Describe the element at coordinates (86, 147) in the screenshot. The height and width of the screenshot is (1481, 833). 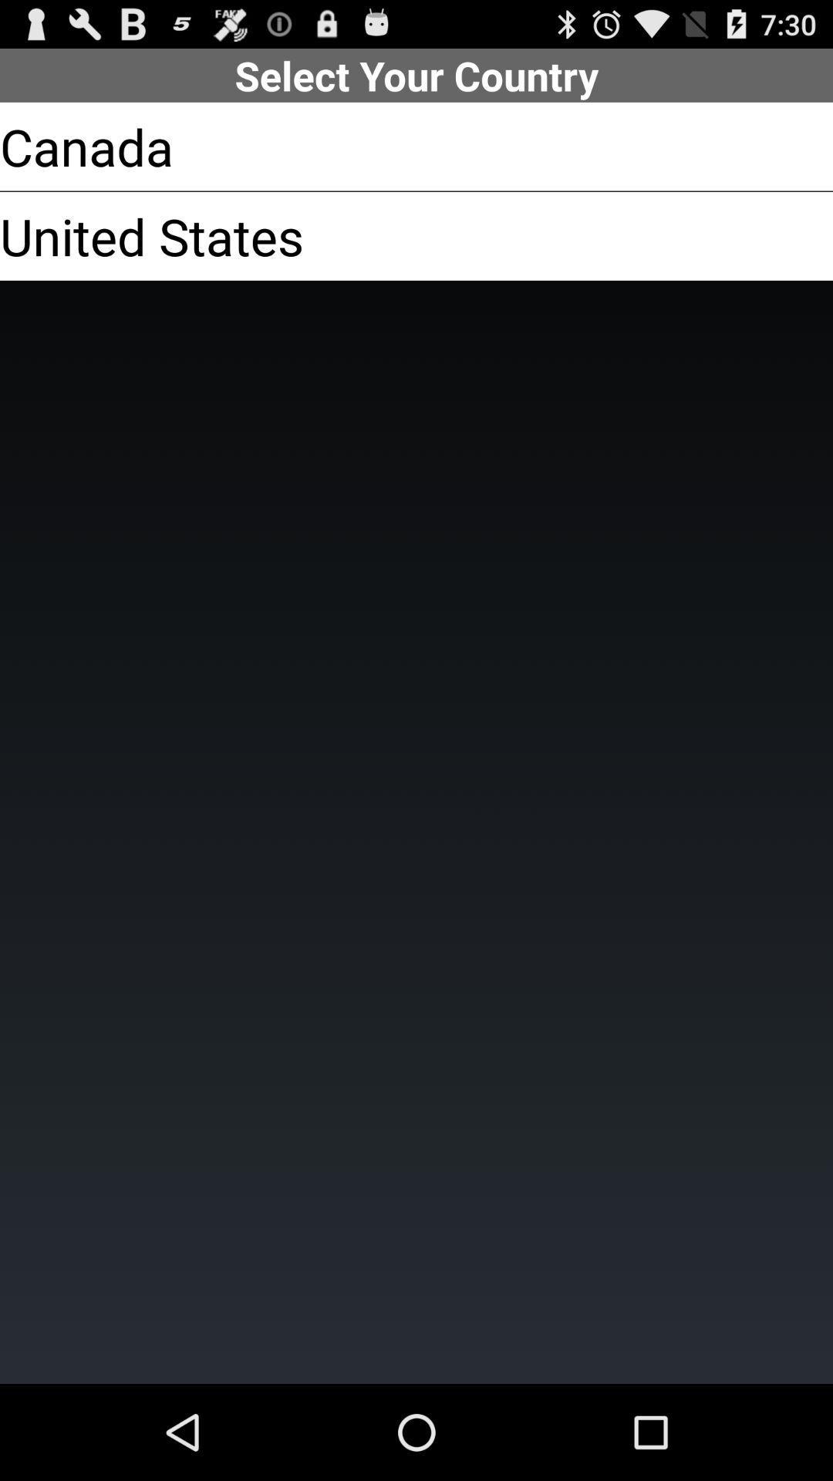
I see `canada item` at that location.